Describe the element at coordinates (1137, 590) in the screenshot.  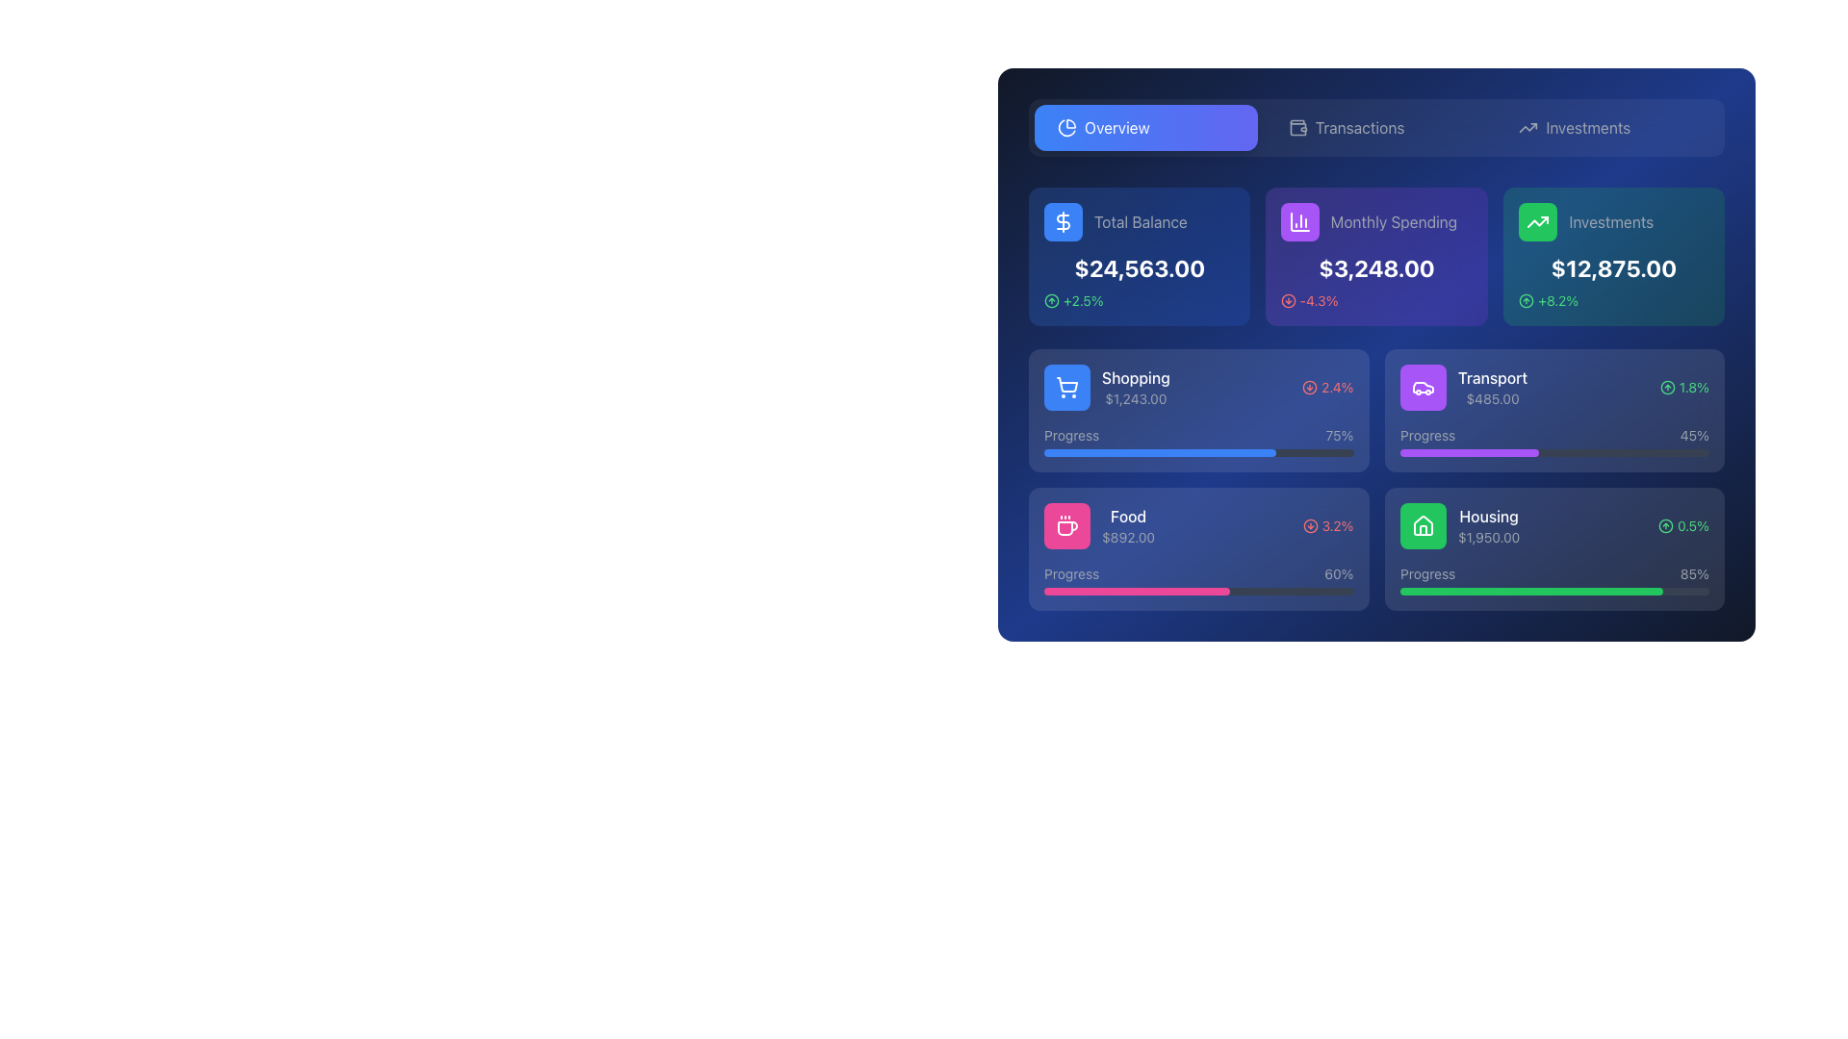
I see `the Progress bar indicating 60% completion for 'Food' located in the lower-left card under the 'Progress' label` at that location.